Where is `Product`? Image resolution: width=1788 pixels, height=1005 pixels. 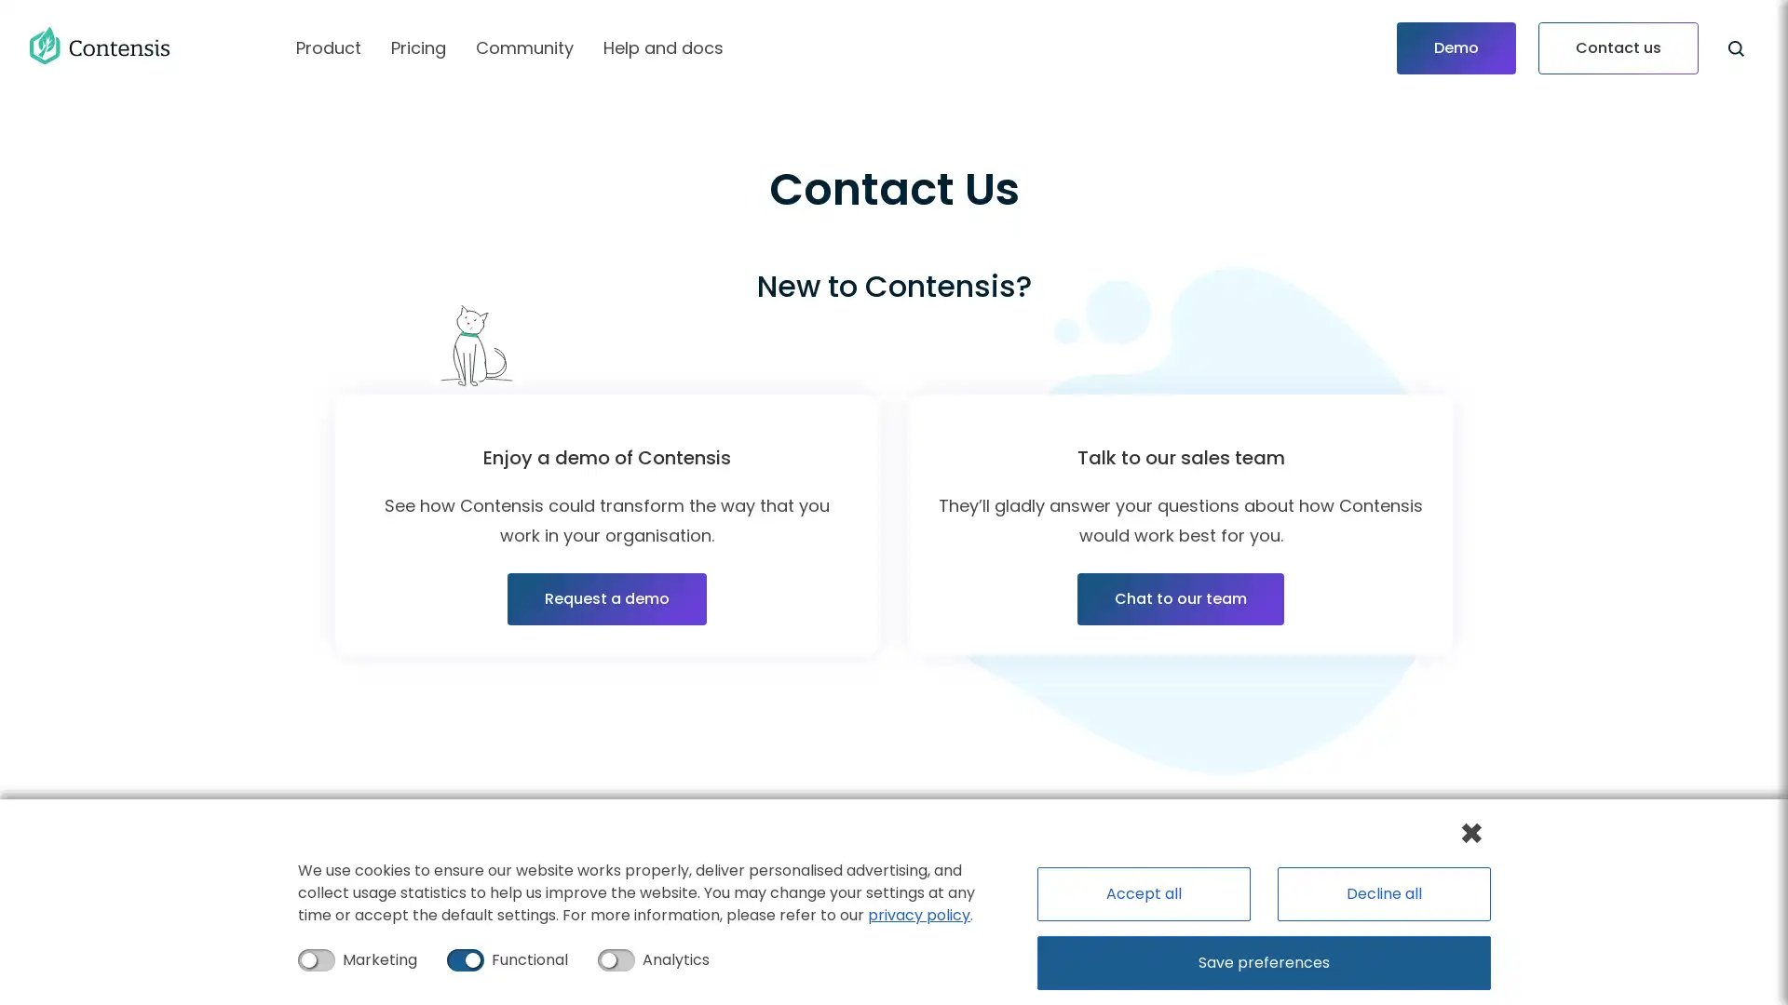 Product is located at coordinates (329, 47).